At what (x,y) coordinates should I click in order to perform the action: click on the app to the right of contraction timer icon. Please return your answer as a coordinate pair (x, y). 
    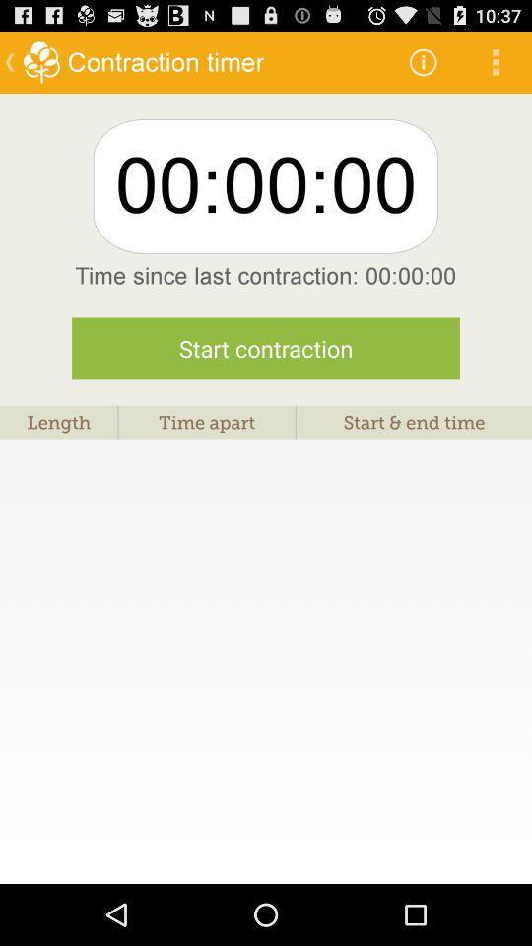
    Looking at the image, I should click on (422, 61).